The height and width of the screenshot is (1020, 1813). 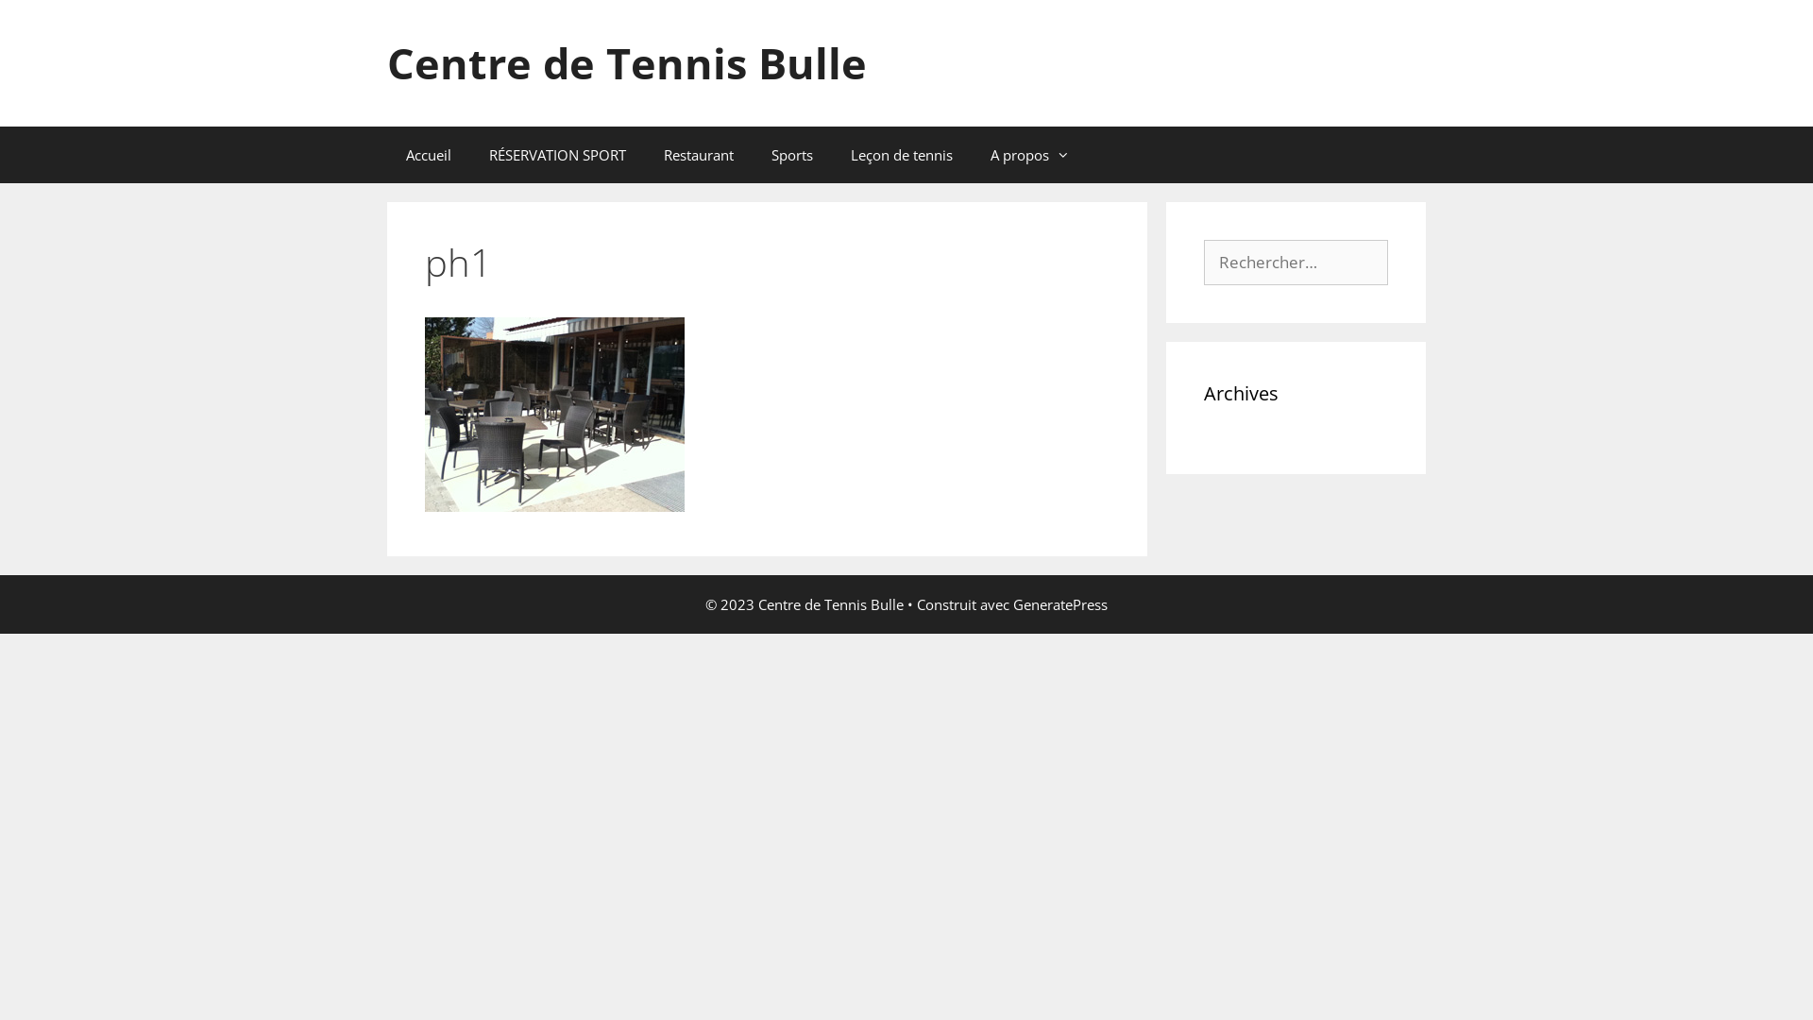 I want to click on 'Accueil', so click(x=428, y=154).